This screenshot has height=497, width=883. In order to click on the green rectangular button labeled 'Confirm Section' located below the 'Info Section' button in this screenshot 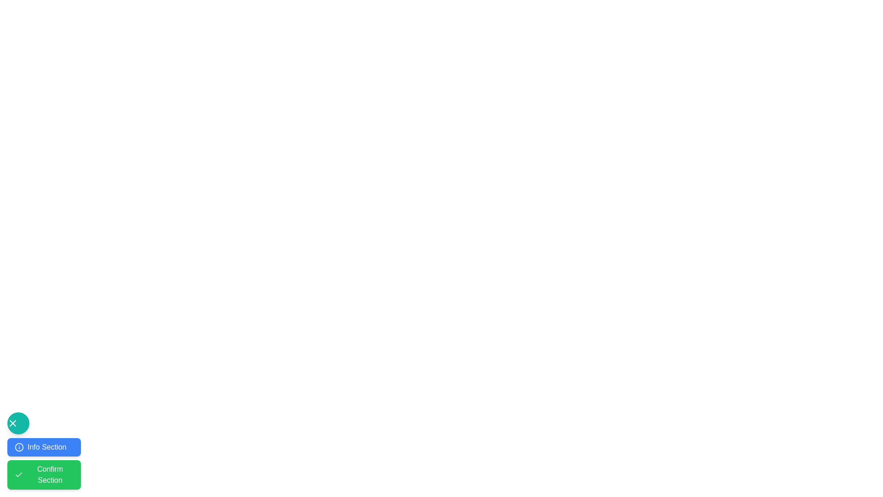, I will do `click(44, 463)`.